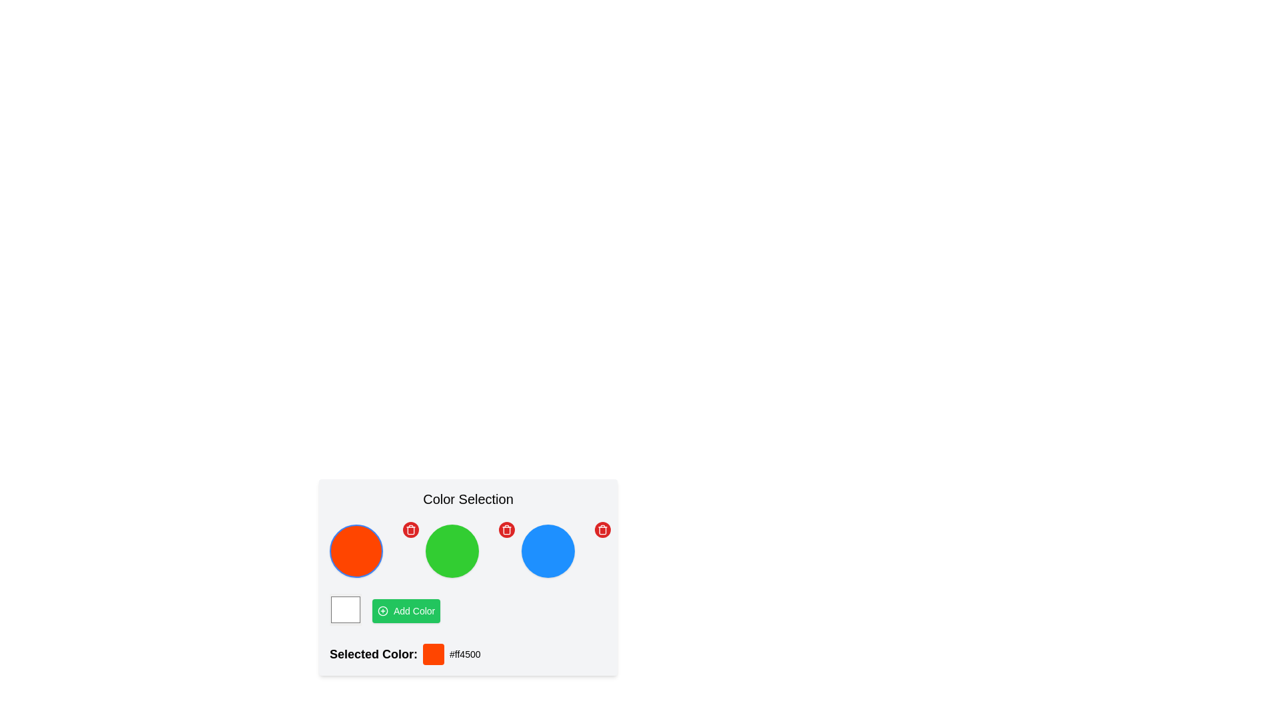 The width and height of the screenshot is (1279, 719). I want to click on the green circle color option with a shadow effect and transparent border located in the second position among three circular color options under the 'Color Selection' heading, so click(468, 577).